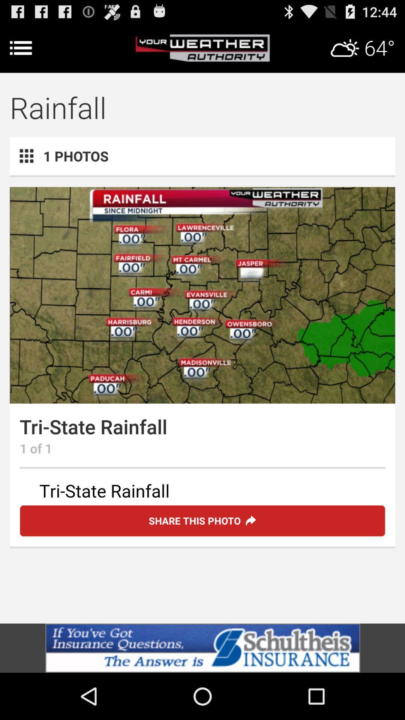 Image resolution: width=405 pixels, height=720 pixels. Describe the element at coordinates (202, 492) in the screenshot. I see `click discription` at that location.